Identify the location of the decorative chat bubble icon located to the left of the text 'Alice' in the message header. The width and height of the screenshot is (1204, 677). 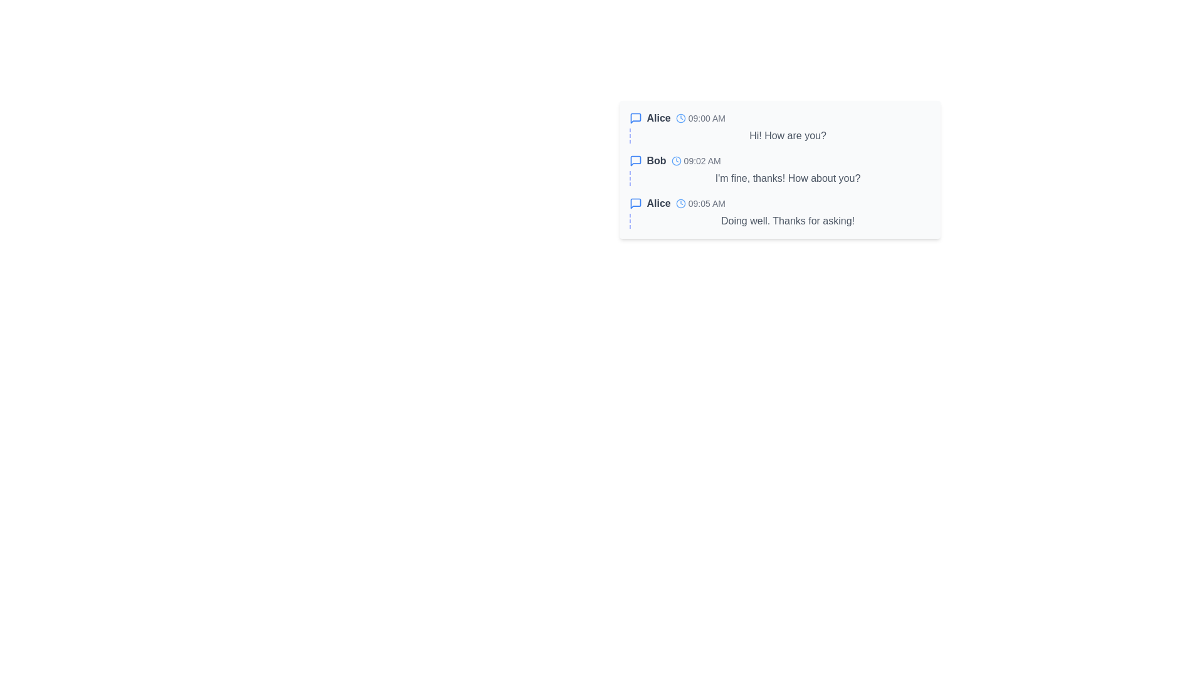
(635, 118).